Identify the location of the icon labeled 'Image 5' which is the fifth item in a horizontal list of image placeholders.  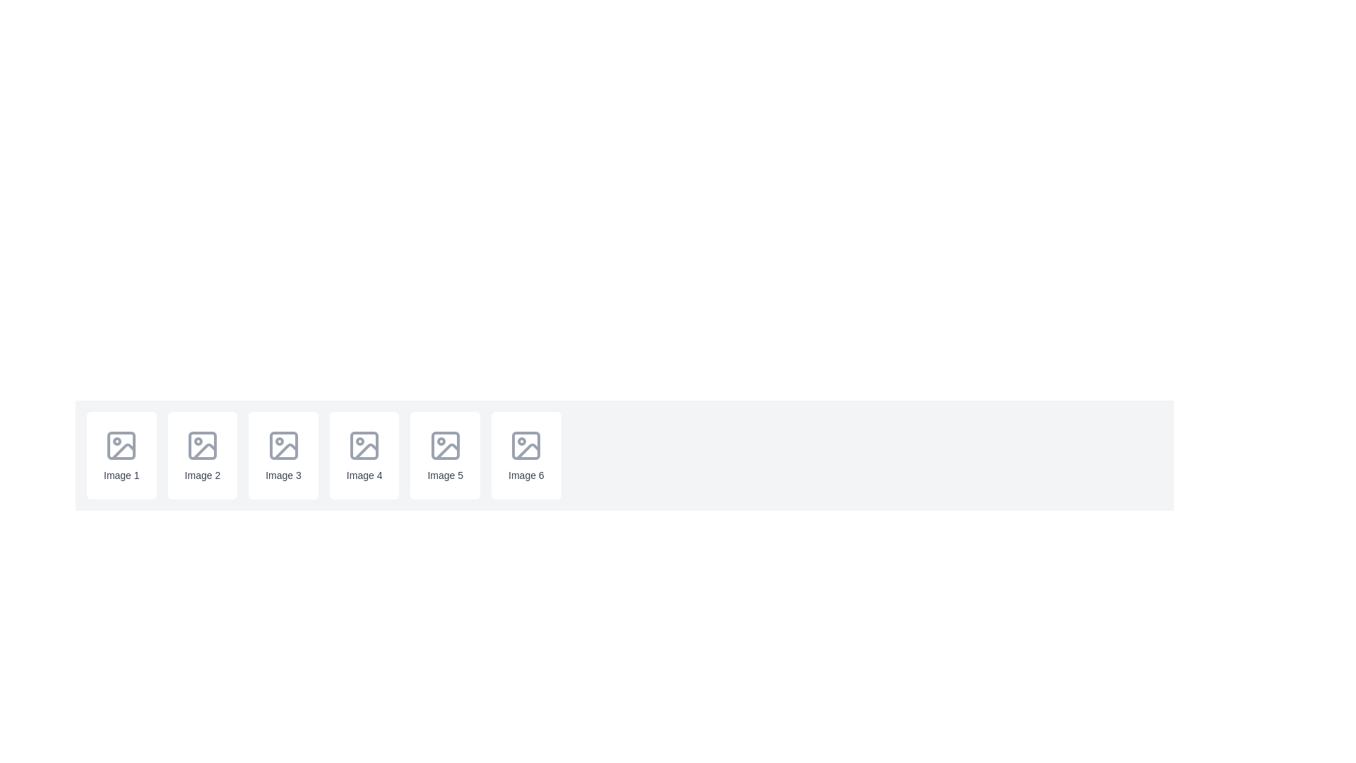
(444, 455).